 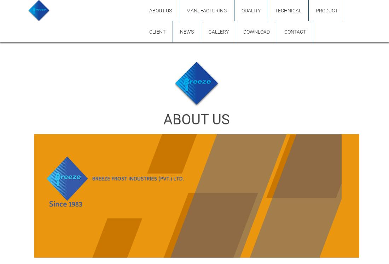 What do you see at coordinates (275, 11) in the screenshot?
I see `'Technical'` at bounding box center [275, 11].